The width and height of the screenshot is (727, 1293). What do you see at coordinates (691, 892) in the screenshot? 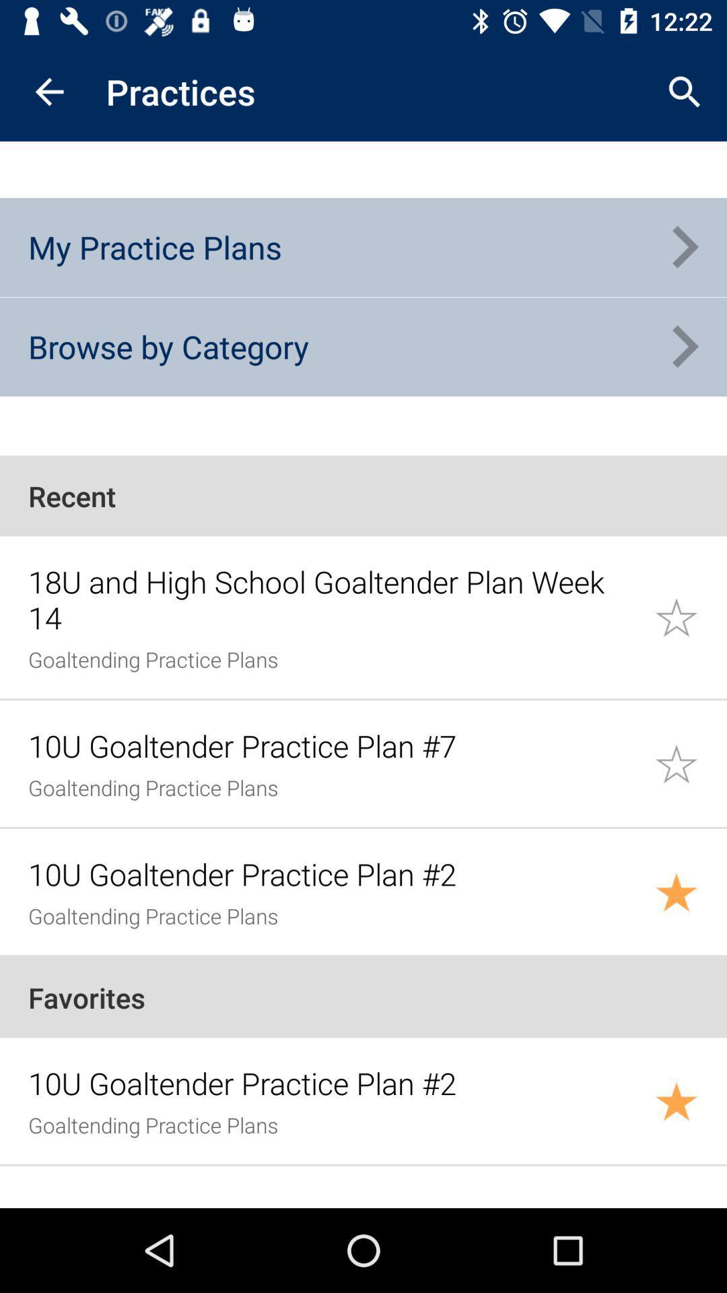
I see `bookmark` at bounding box center [691, 892].